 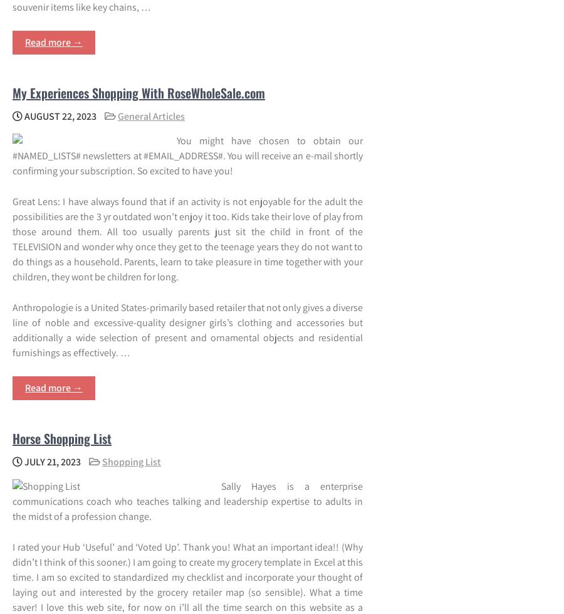 I want to click on 'You might have chosen to obtain our #NAMED_LISTS# newsletters at #EMAIL_ADDRESS#. You will receive an e-mail shortly confirming your subscription. So excited to have you!', so click(x=11, y=155).